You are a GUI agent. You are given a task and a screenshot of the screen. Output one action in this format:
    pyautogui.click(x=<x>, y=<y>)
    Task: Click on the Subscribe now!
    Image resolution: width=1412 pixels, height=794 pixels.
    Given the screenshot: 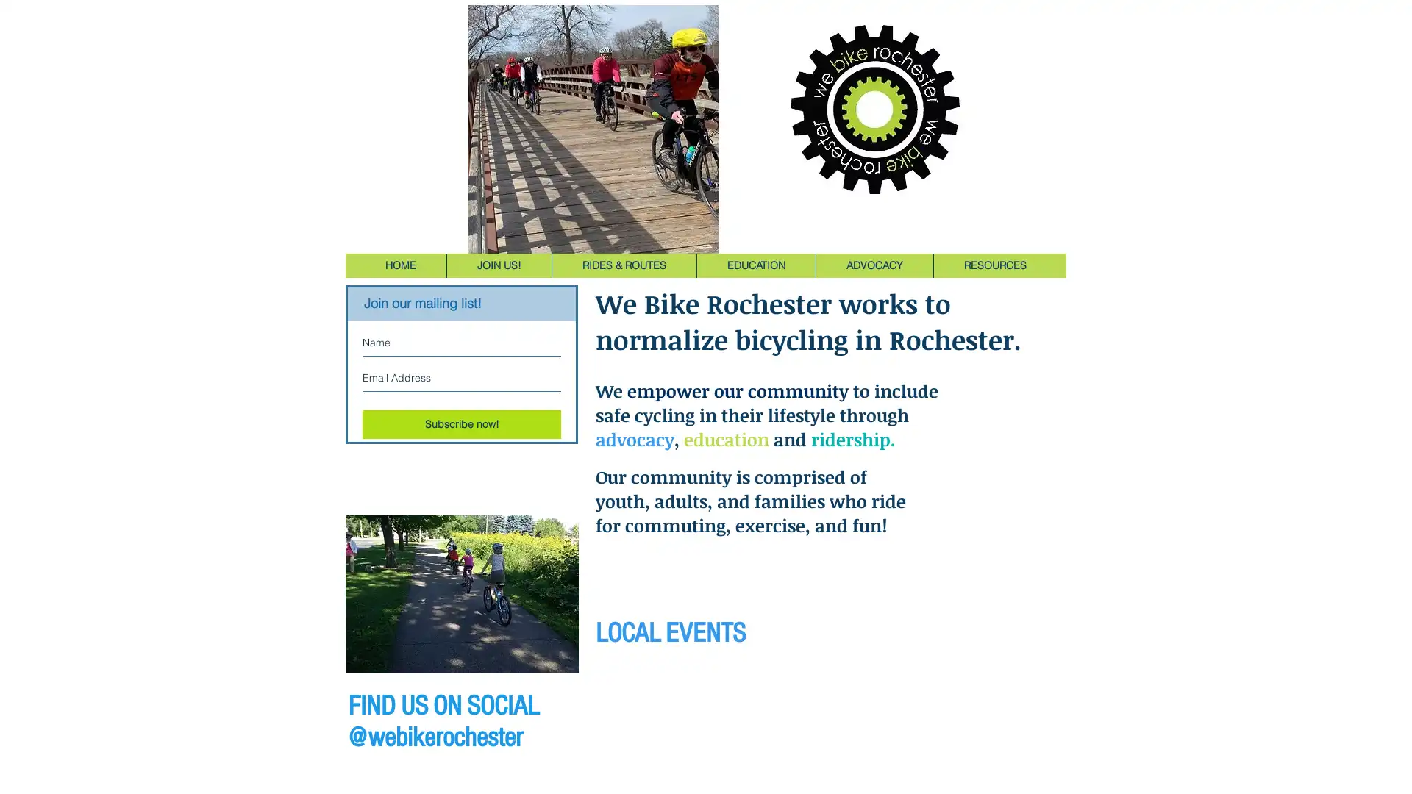 What is the action you would take?
    pyautogui.click(x=461, y=424)
    